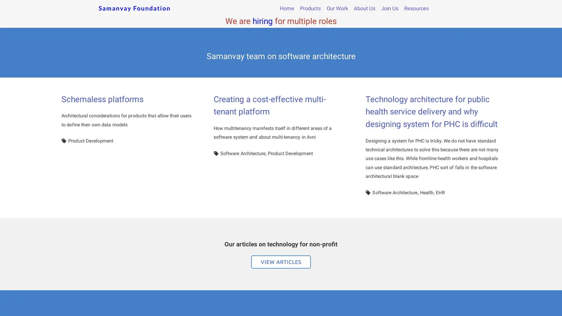 The height and width of the screenshot is (316, 562). Describe the element at coordinates (281, 261) in the screenshot. I see `VIEW ARTICLES` at that location.